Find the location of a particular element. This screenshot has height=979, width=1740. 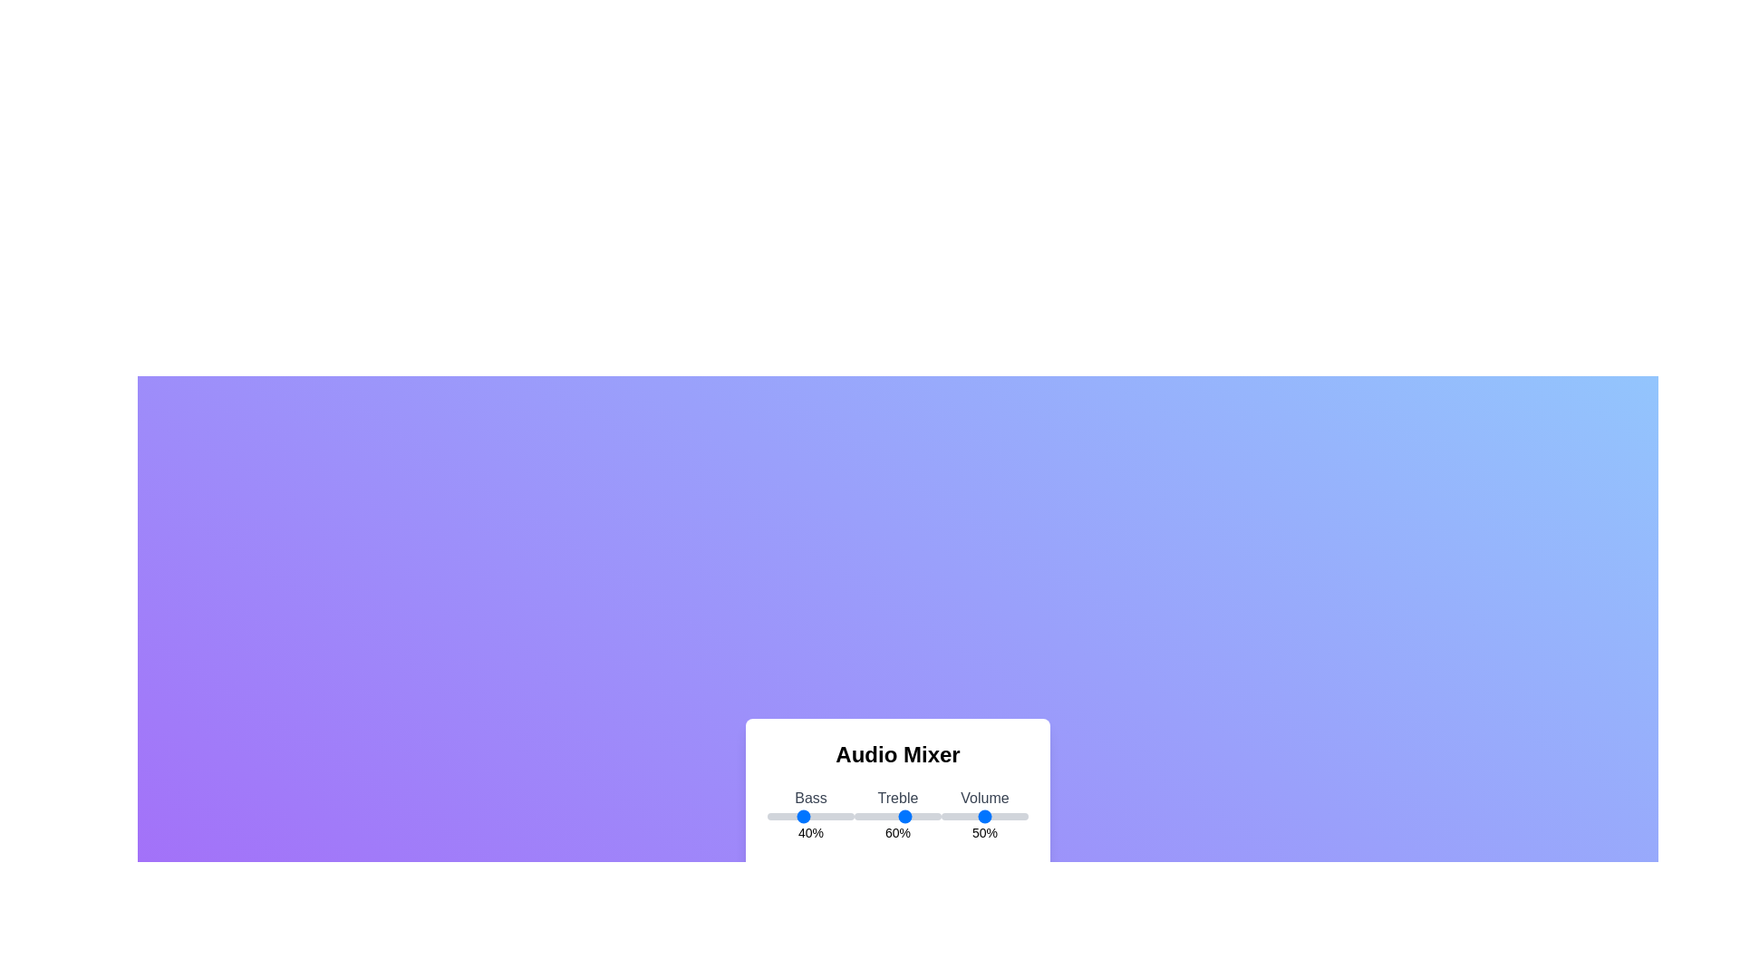

the bass slider to set the bass level to 40% is located at coordinates (801, 817).